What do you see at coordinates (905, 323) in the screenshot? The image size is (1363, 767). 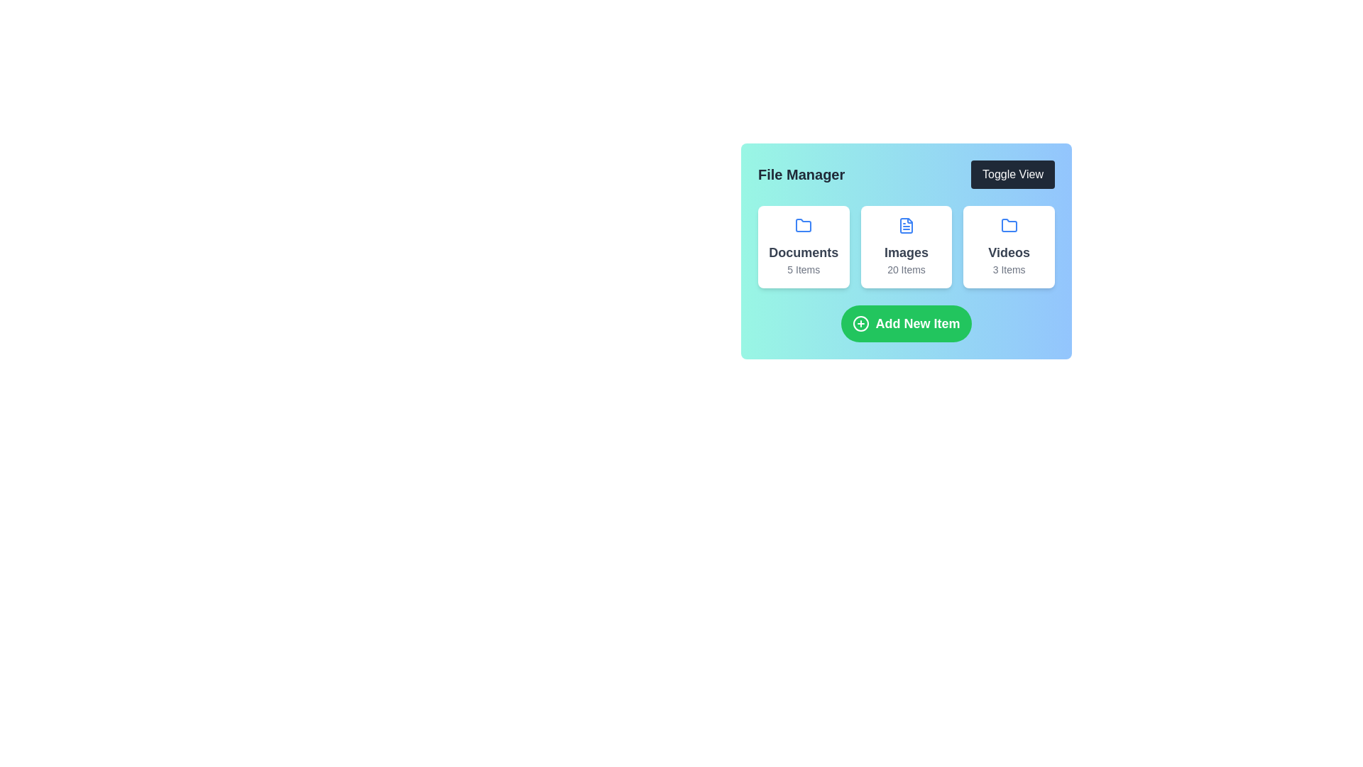 I see `the 'Add New Item' button with a bright green background and white bold text located beneath the grid layout in the 'File Manager' section` at bounding box center [905, 323].